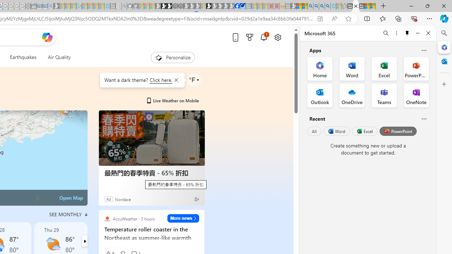  Describe the element at coordinates (293, 6) in the screenshot. I see `'MSN - Sleeping'` at that location.